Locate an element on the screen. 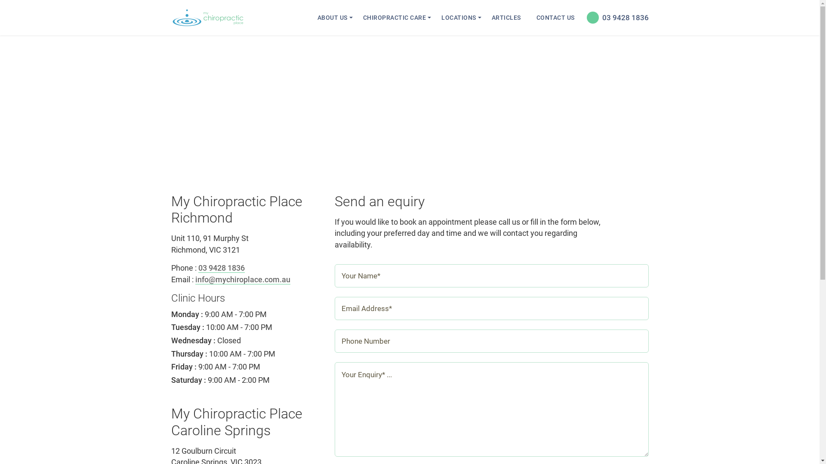 The width and height of the screenshot is (826, 464). 'ABOUT US' is located at coordinates (332, 18).